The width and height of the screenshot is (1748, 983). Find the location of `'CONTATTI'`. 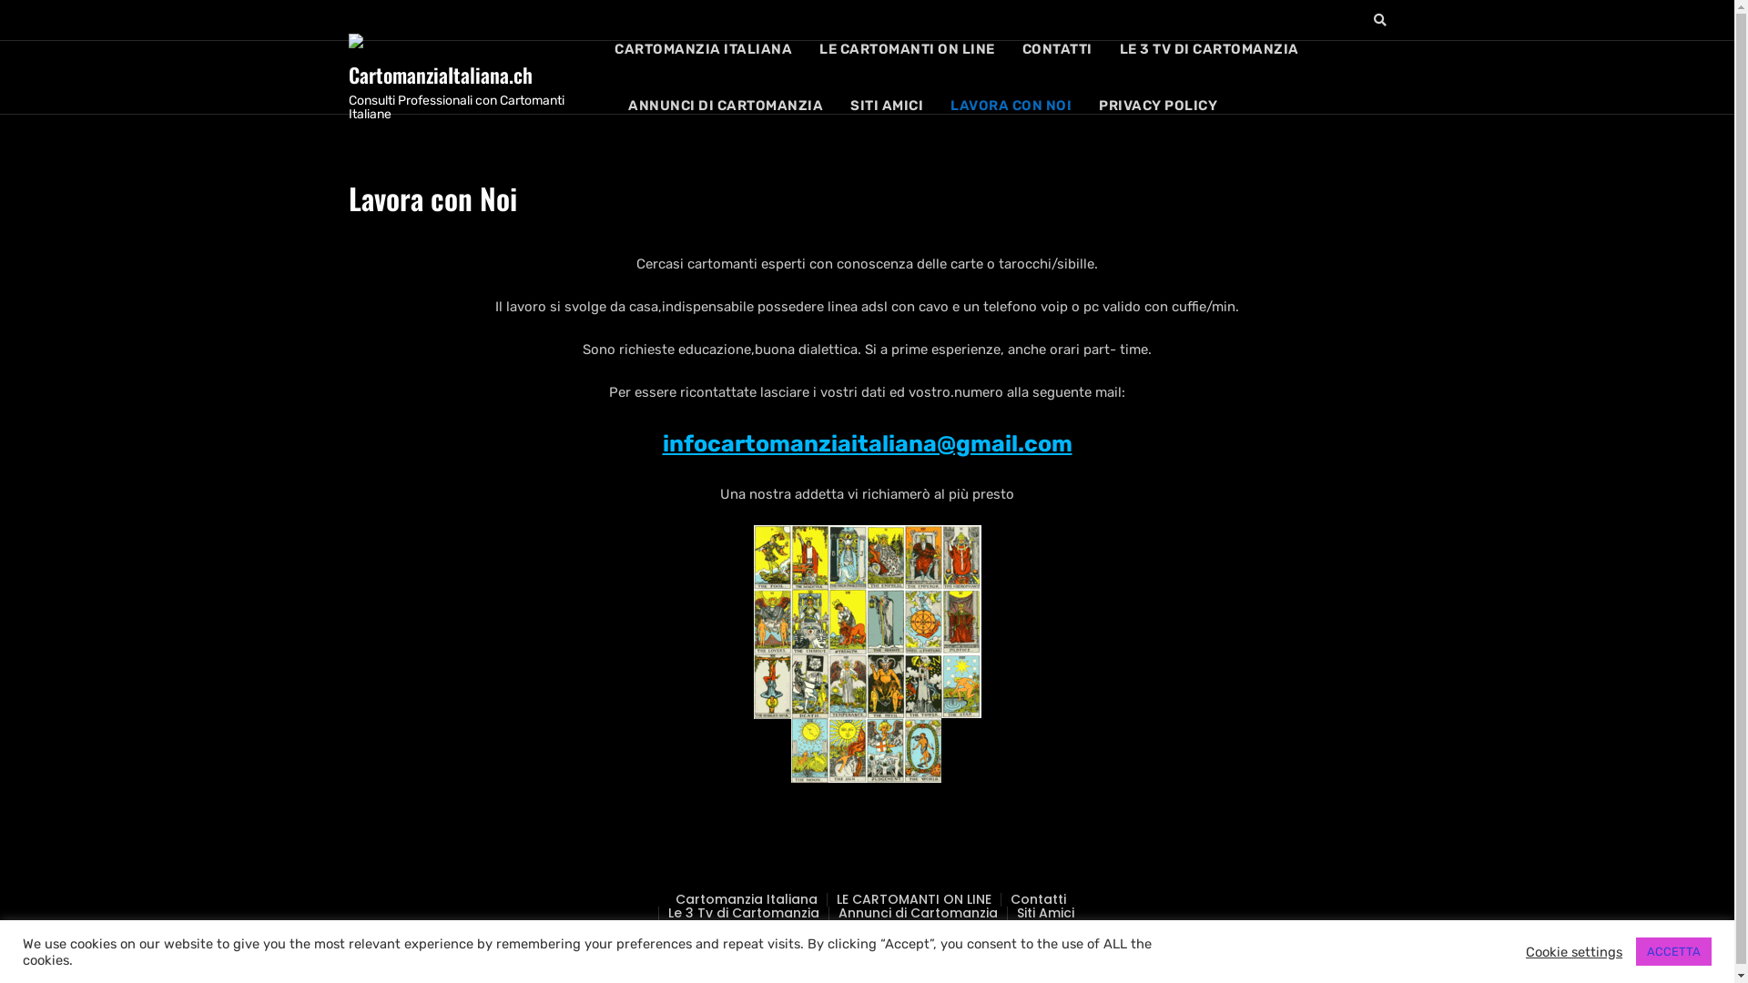

'CONTATTI' is located at coordinates (1008, 47).